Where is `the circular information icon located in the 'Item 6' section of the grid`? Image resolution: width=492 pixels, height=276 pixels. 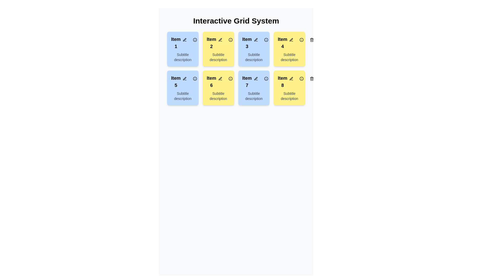 the circular information icon located in the 'Item 6' section of the grid is located at coordinates (230, 79).